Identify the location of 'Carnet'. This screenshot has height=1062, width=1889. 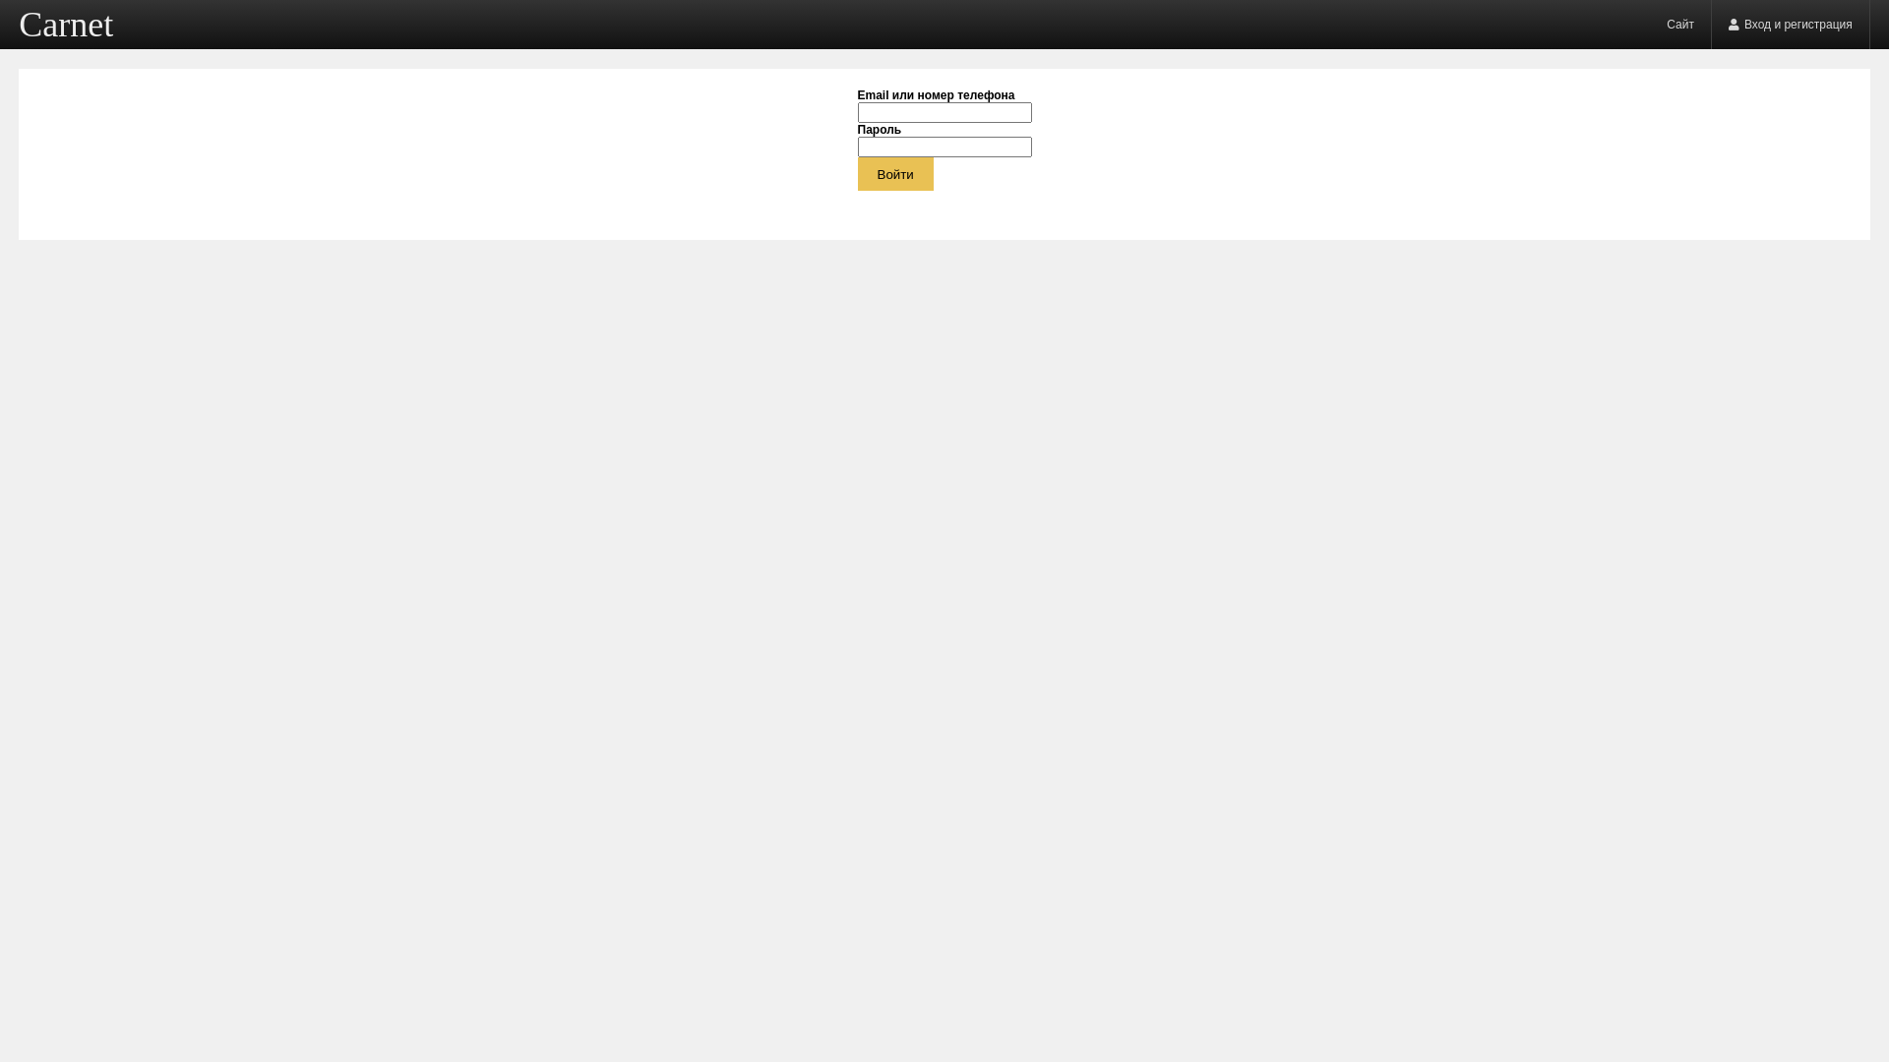
(66, 24).